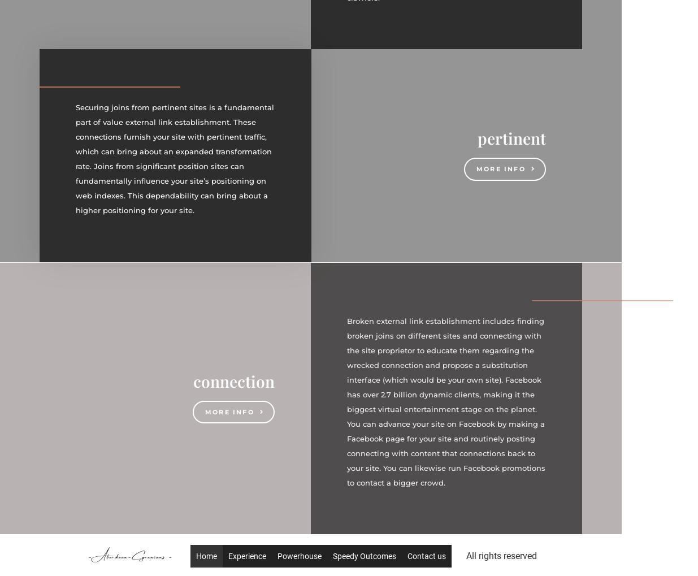 The height and width of the screenshot is (576, 698). What do you see at coordinates (331, 556) in the screenshot?
I see `'Speedy Outcomes'` at bounding box center [331, 556].